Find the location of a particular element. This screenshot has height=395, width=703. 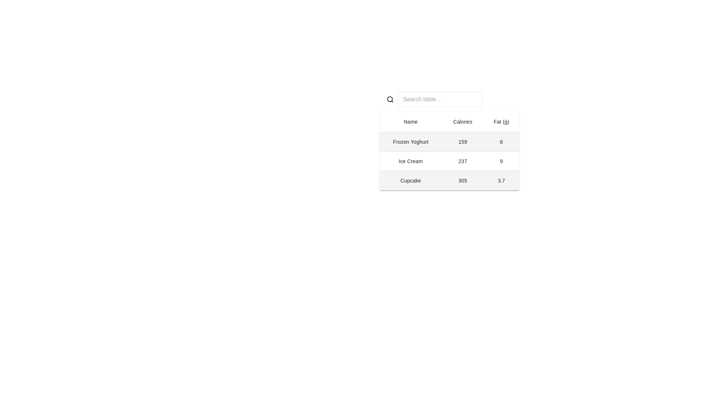

the non-interactive table cell displaying the numeric value '159' under the 'Calories' header, which is the second cell in the row starting with 'Frozen Yoghurt' is located at coordinates (462, 142).